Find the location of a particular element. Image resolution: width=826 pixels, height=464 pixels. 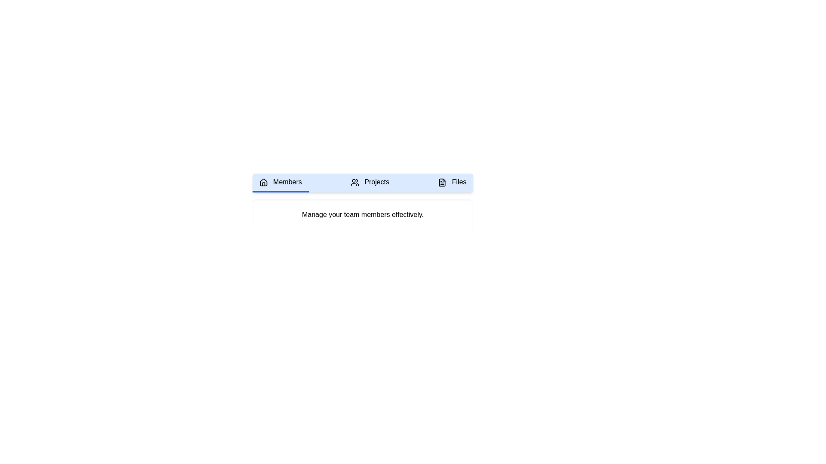

the icon resembling a group of people in the 'Projects' tab of the navigation menu is located at coordinates (354, 182).